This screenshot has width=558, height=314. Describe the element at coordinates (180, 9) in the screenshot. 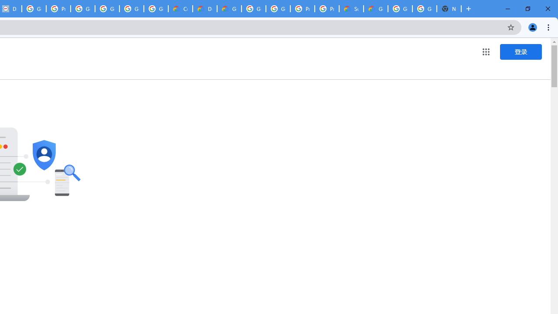

I see `'Customer Care | Google Cloud'` at that location.